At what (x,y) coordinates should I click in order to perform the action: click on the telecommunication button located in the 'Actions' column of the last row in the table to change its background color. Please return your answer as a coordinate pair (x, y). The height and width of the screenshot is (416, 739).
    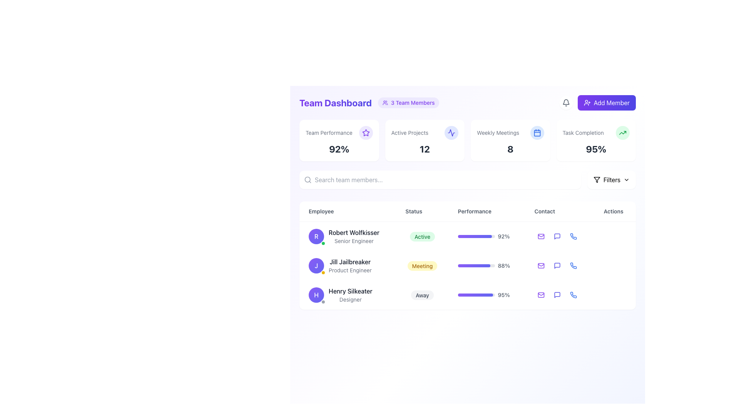
    Looking at the image, I should click on (573, 295).